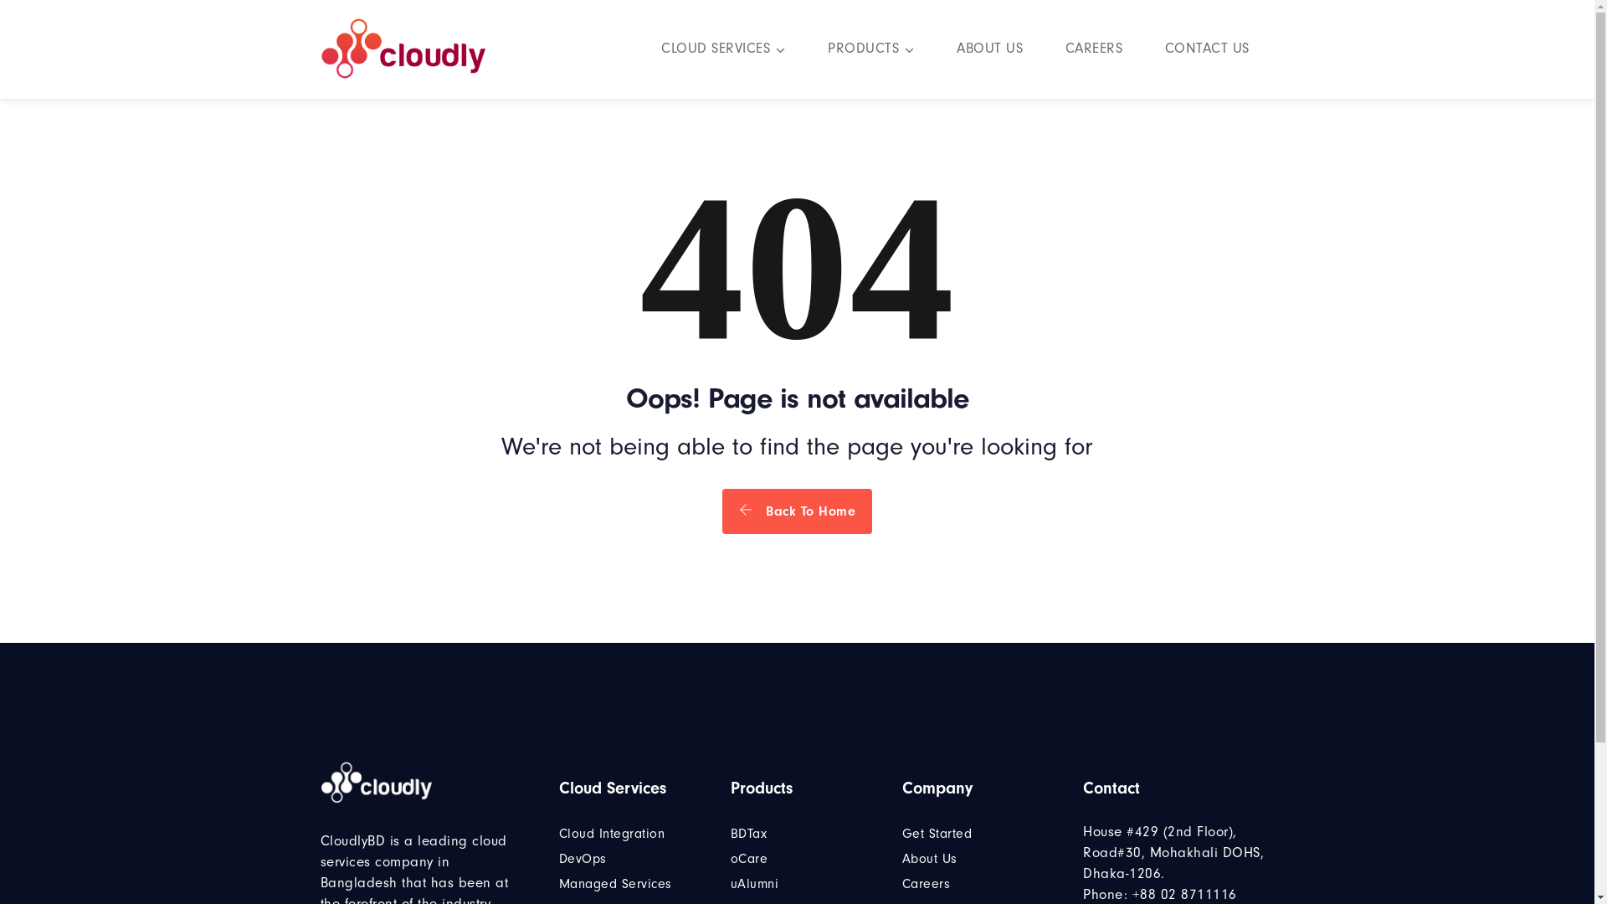 The width and height of the screenshot is (1607, 904). I want to click on 'CLOUD SERVICES', so click(723, 49).